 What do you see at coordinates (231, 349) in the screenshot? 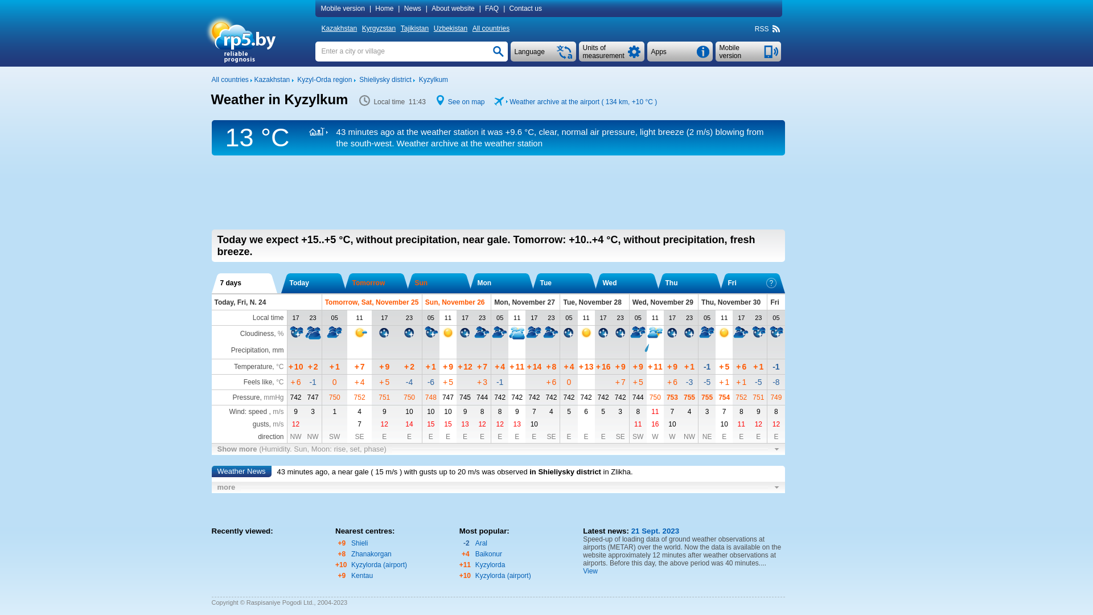
I see `'Precipitation, mm'` at bounding box center [231, 349].